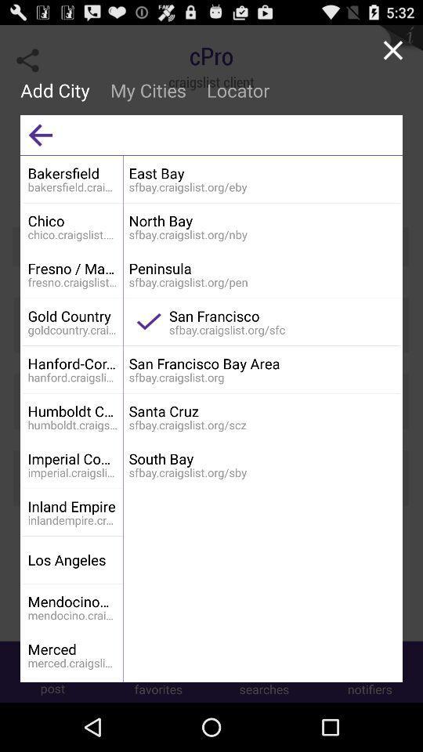 Image resolution: width=423 pixels, height=752 pixels. I want to click on item below the chico.craigslist.org item, so click(72, 268).